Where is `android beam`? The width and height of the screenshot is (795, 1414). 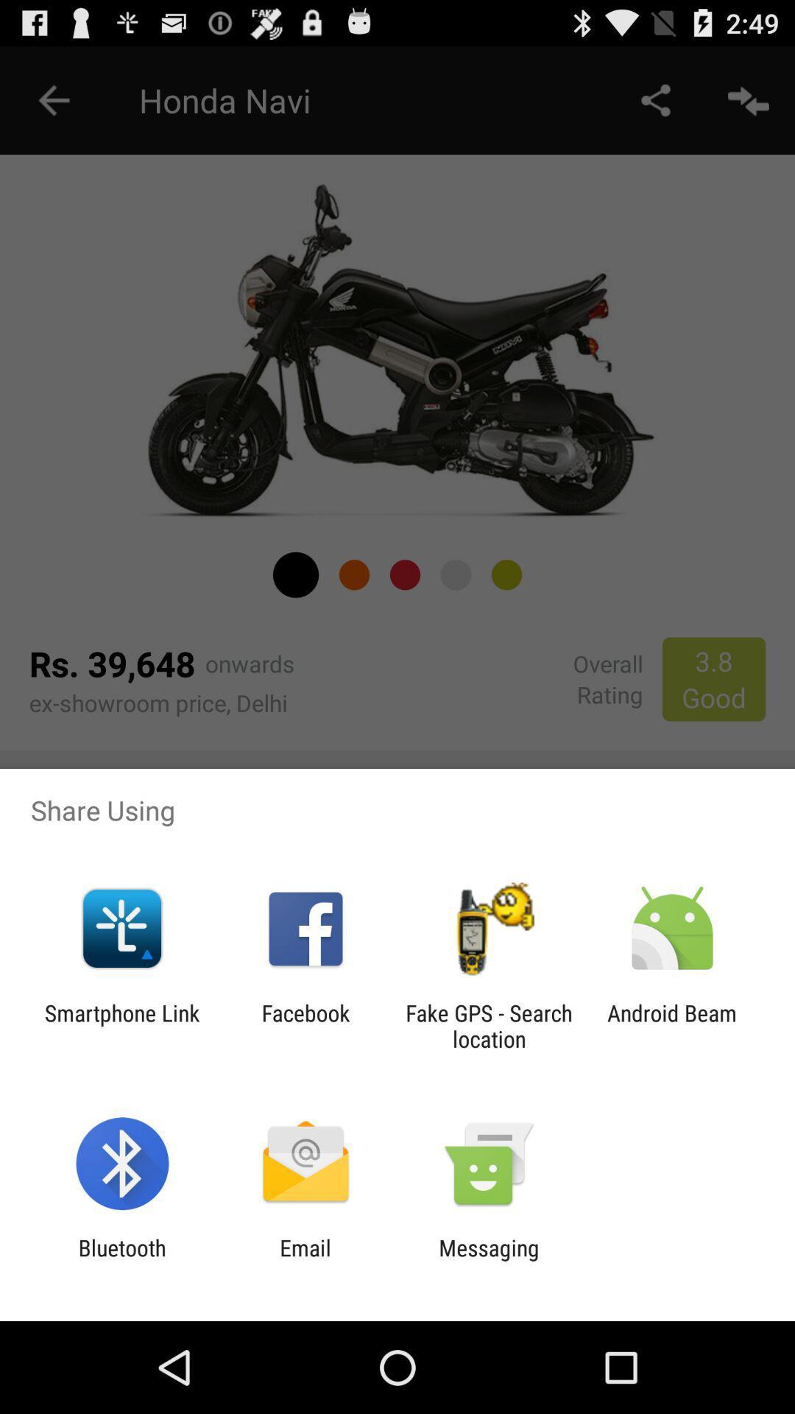 android beam is located at coordinates (672, 1025).